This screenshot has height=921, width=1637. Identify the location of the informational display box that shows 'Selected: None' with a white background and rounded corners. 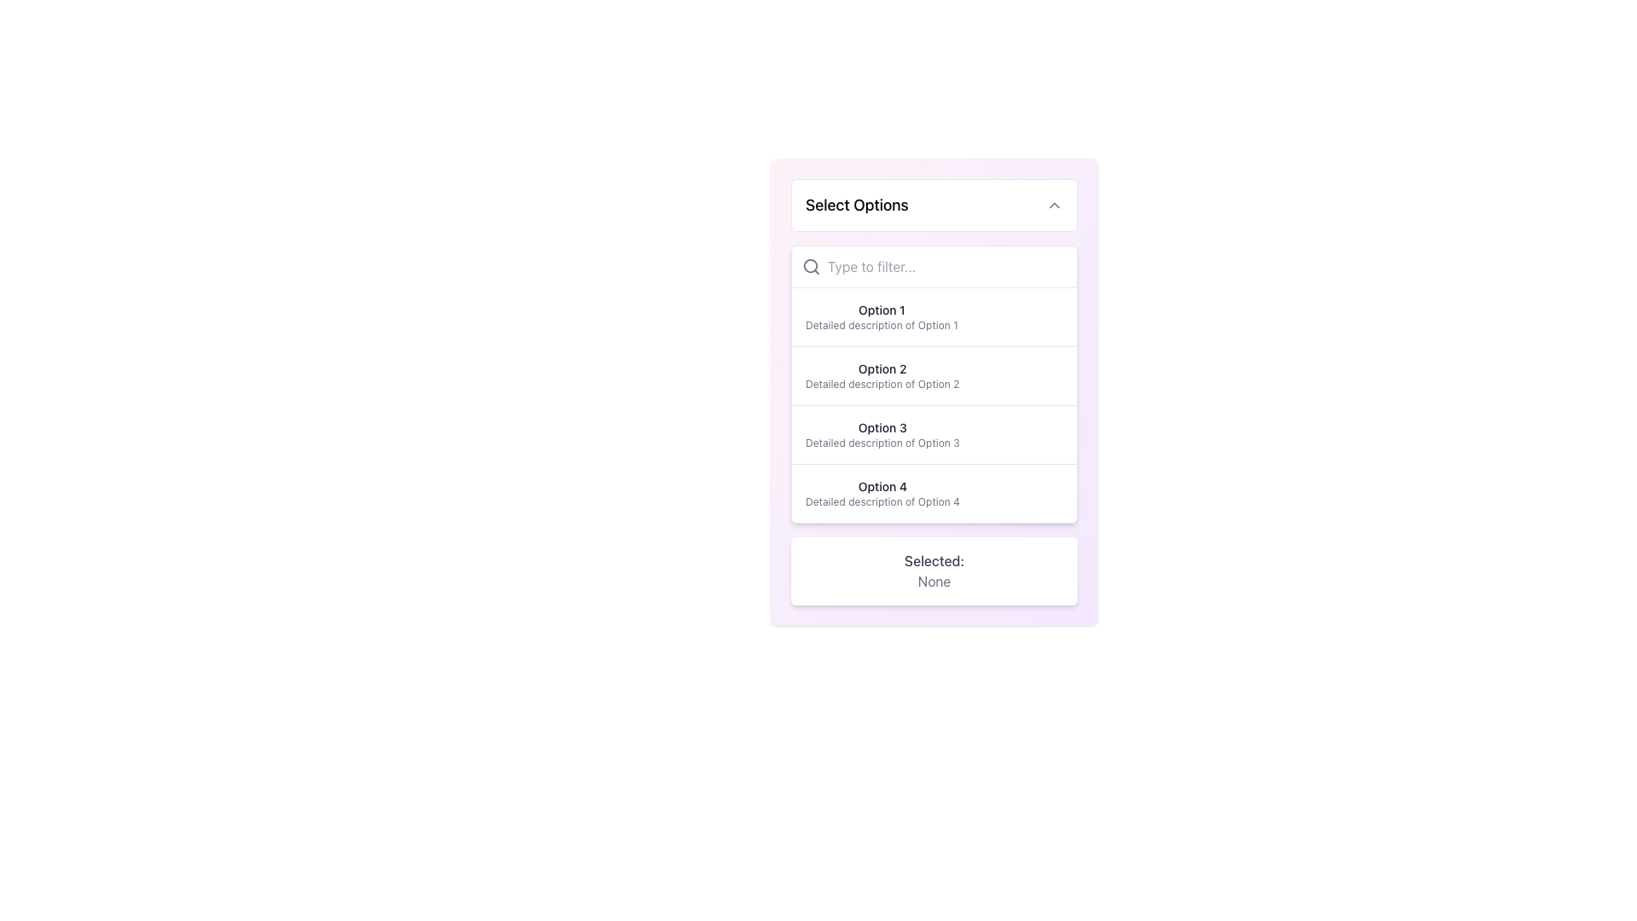
(933, 571).